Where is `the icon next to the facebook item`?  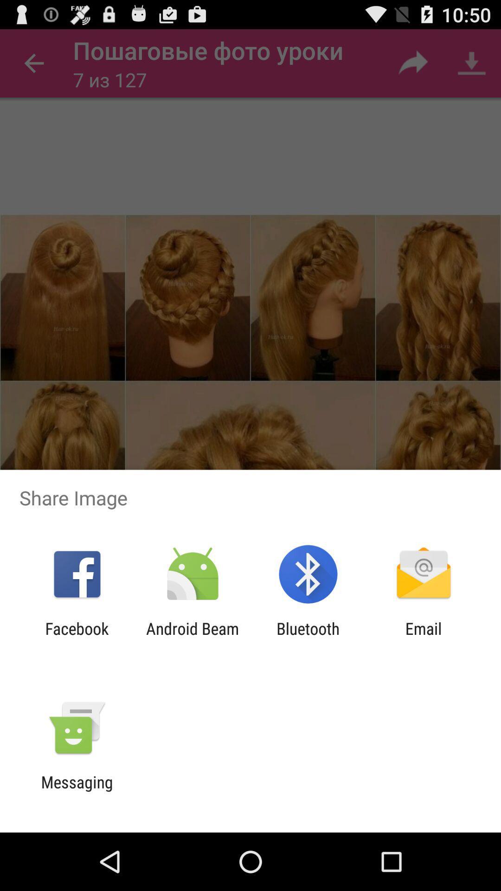 the icon next to the facebook item is located at coordinates (192, 638).